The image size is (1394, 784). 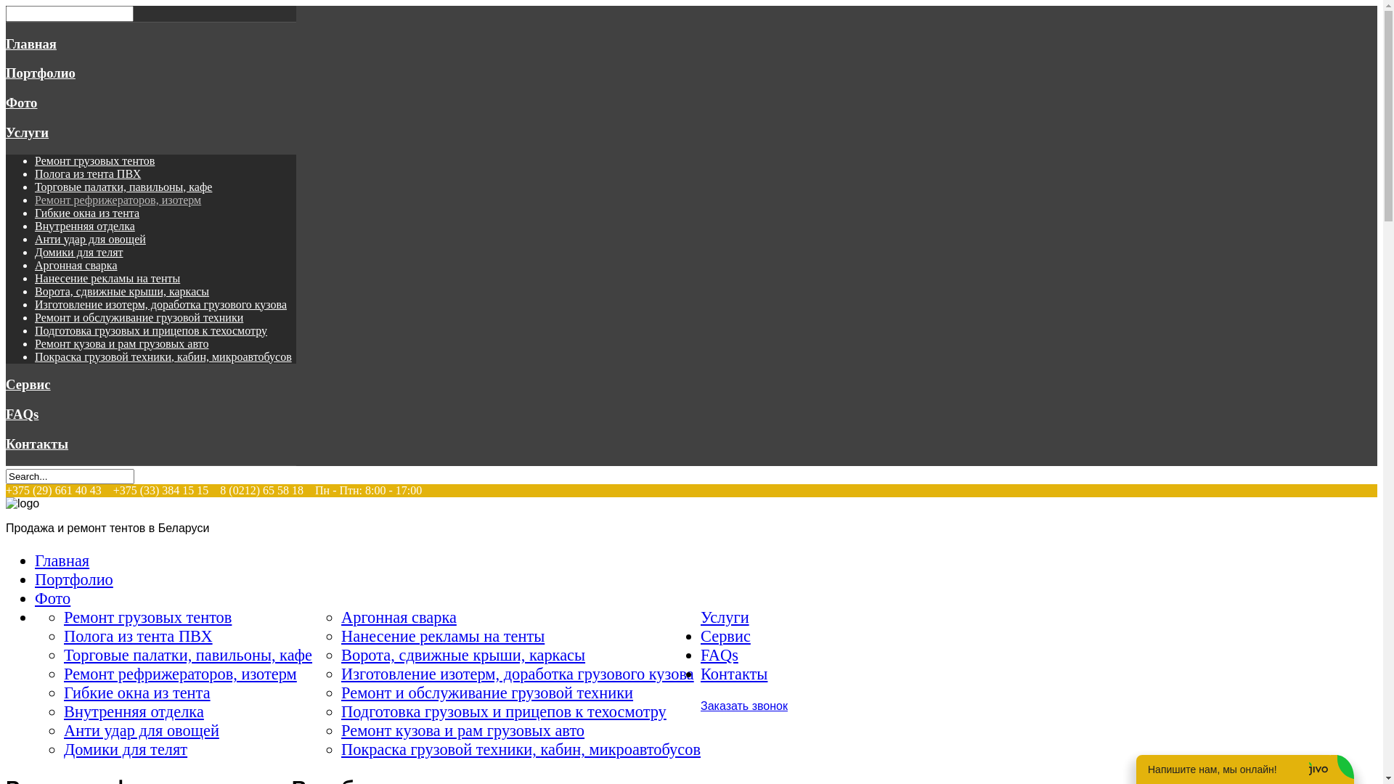 I want to click on 'FAQs', so click(x=22, y=414).